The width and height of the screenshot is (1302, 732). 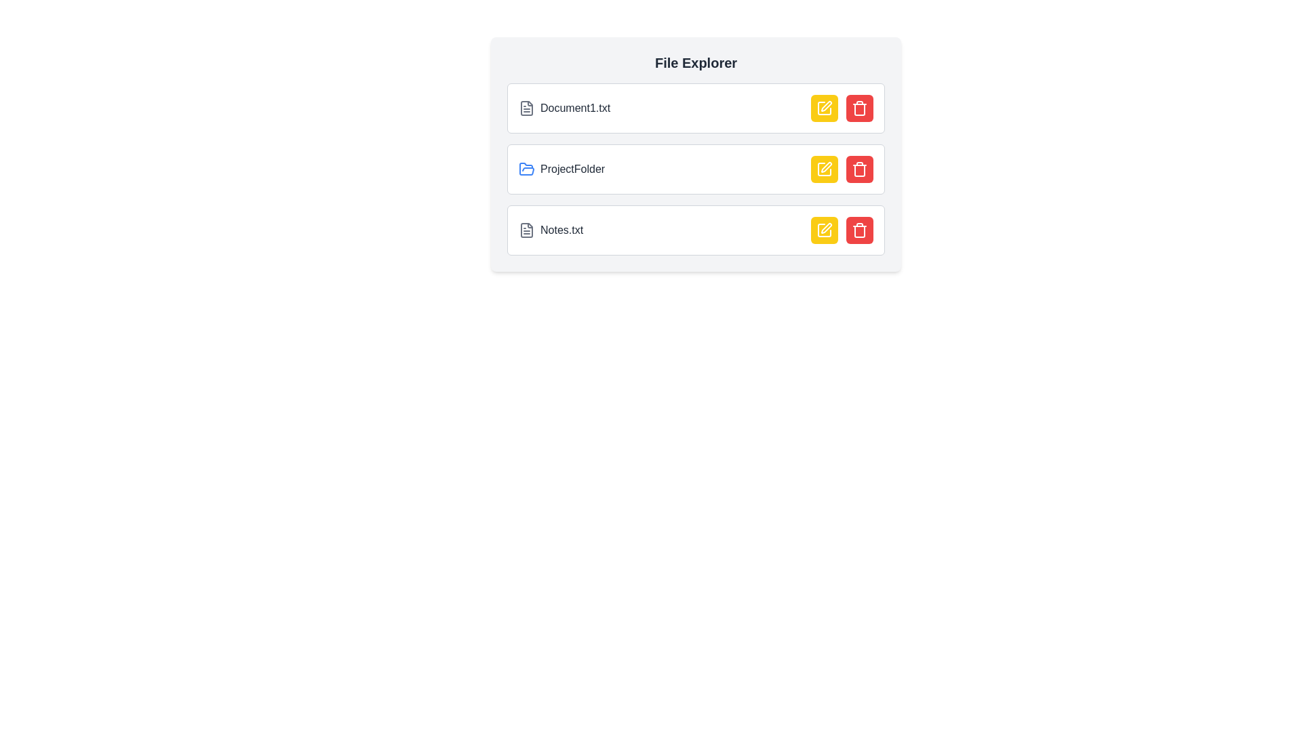 What do you see at coordinates (859, 169) in the screenshot?
I see `the delete button, which is the third button in a row of three buttons on the right side of a file or folder entry in the file explorer interface` at bounding box center [859, 169].